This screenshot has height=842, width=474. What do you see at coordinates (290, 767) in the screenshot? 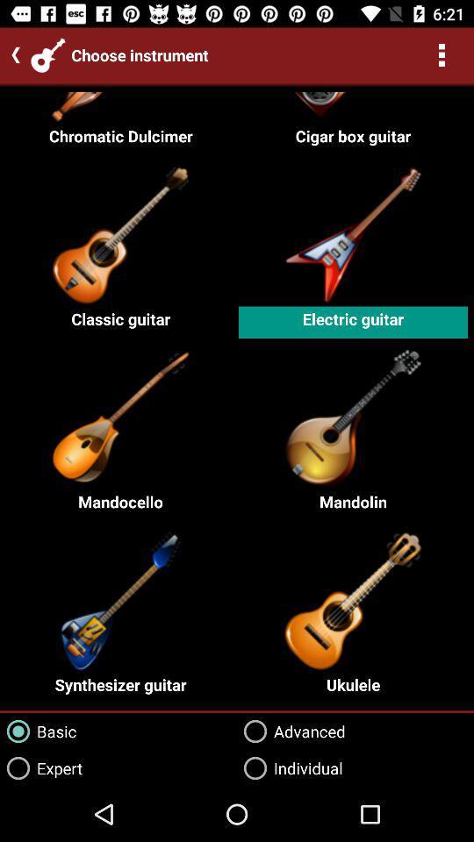
I see `icon next to the expert icon` at bounding box center [290, 767].